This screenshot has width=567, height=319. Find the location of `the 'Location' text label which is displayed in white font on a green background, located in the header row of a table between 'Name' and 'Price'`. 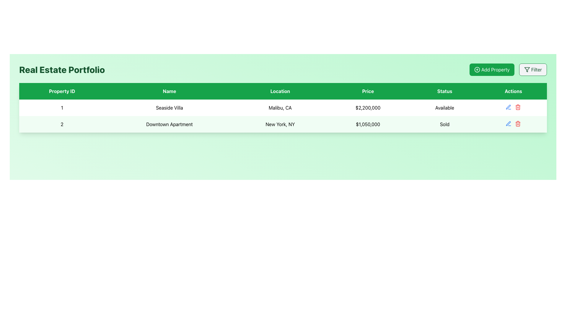

the 'Location' text label which is displayed in white font on a green background, located in the header row of a table between 'Name' and 'Price' is located at coordinates (280, 91).